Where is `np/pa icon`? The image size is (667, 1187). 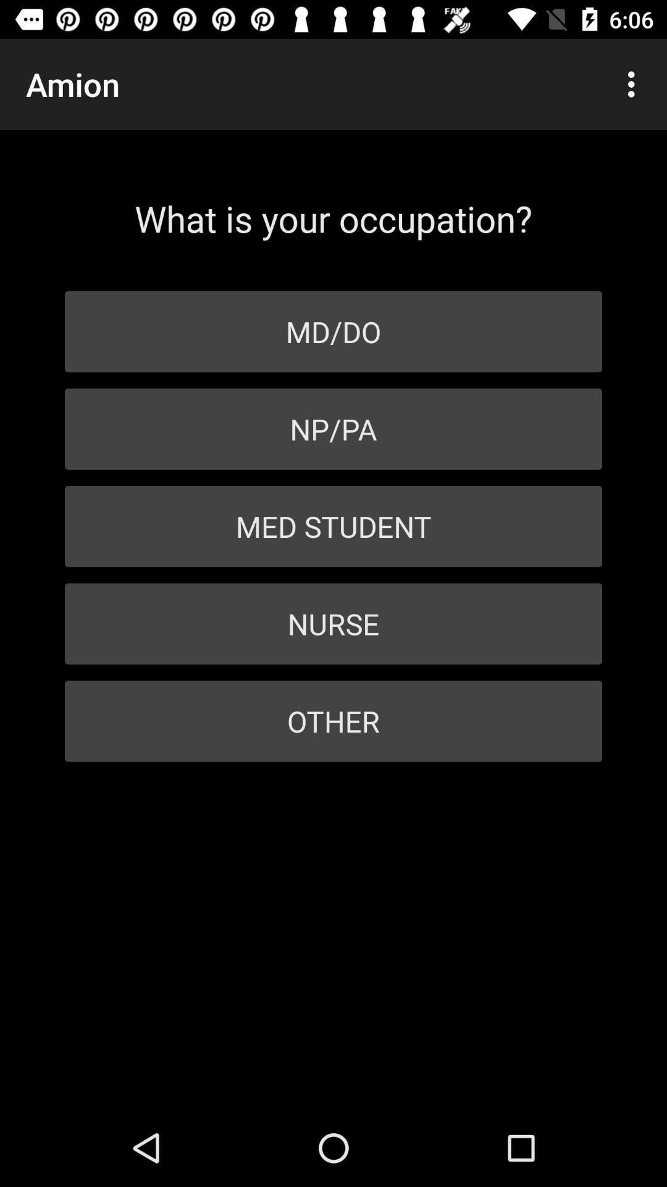 np/pa icon is located at coordinates (333, 429).